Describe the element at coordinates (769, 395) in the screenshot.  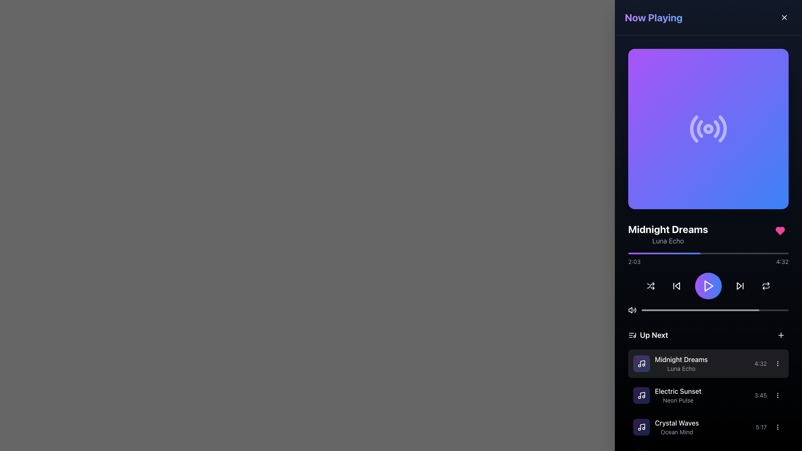
I see `the interactive three-dot icon in the Duration label component displaying '3:45'` at that location.